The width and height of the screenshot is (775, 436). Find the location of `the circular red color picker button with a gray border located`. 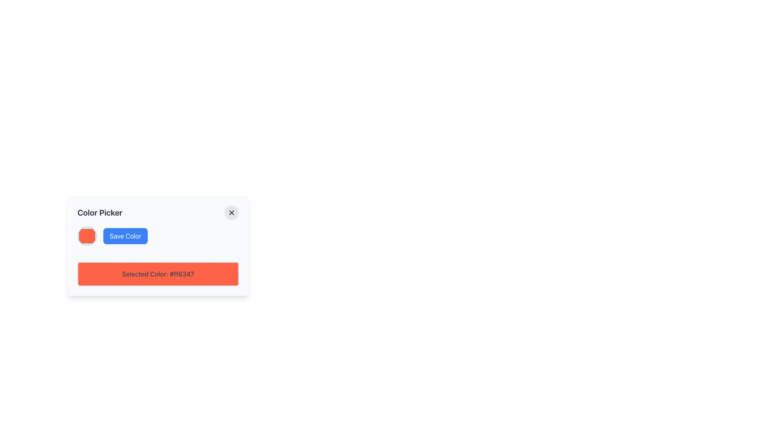

the circular red color picker button with a gray border located is located at coordinates (87, 236).